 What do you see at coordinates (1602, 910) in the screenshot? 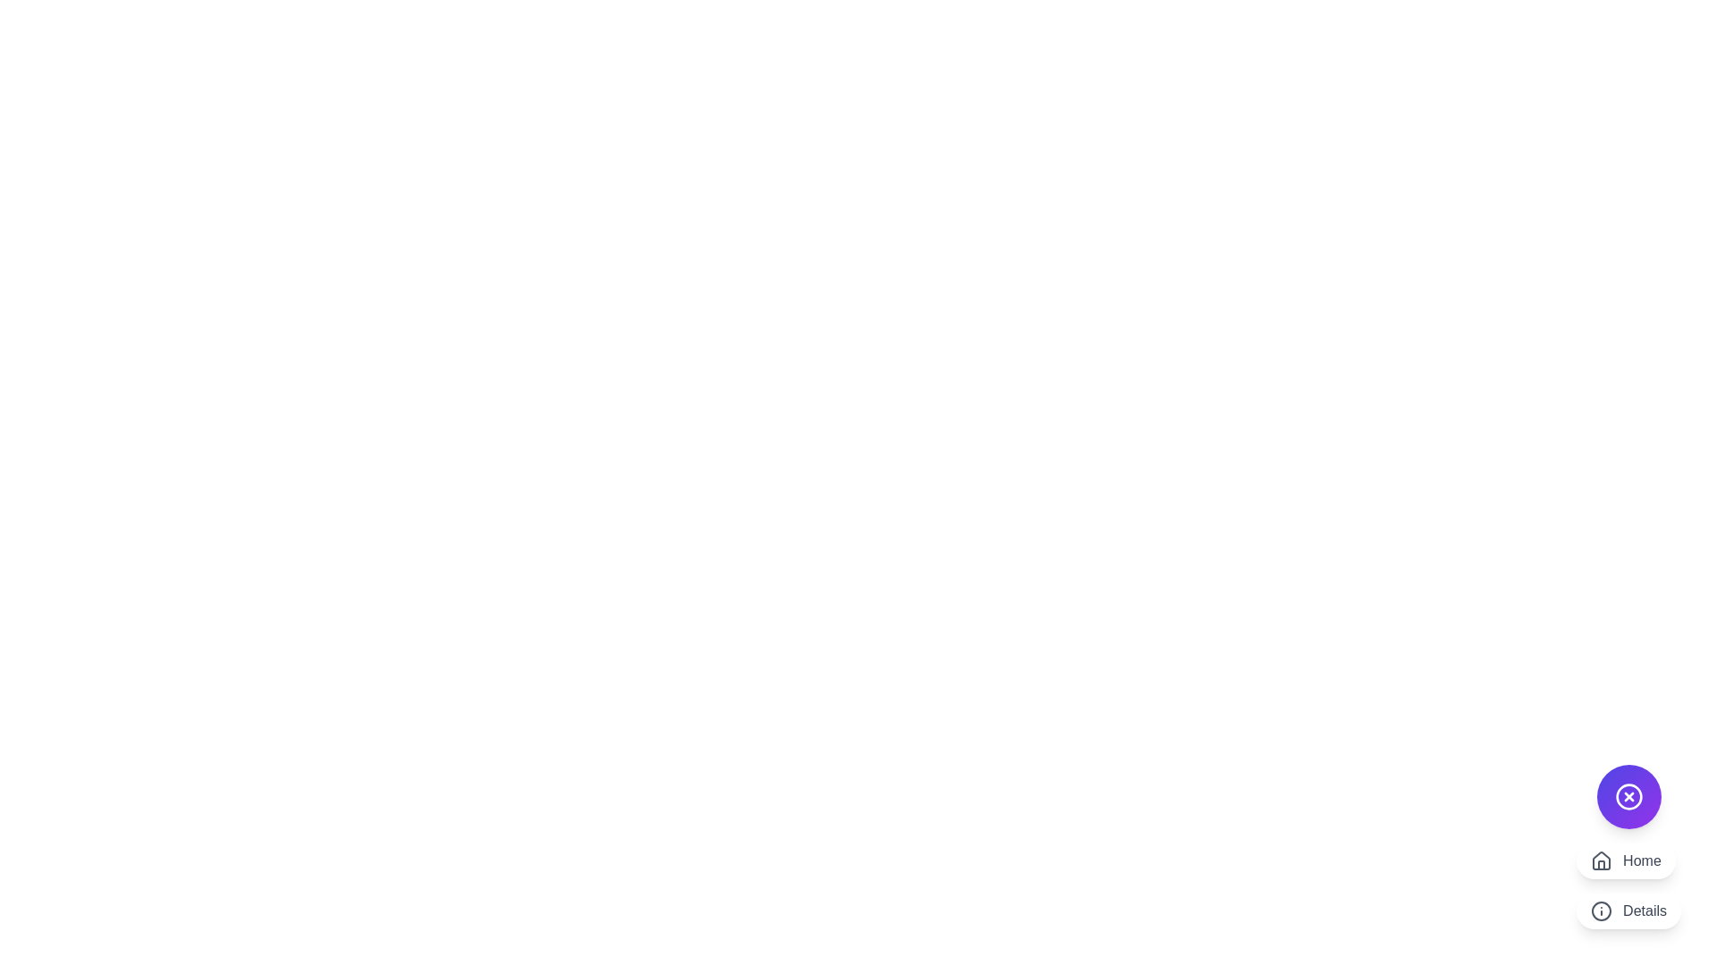
I see `the SVG circle graphic that is part of an informational or action-related icon, located near the bottom-right corner of the interface adjacent to 'Home' and 'Details'` at bounding box center [1602, 910].